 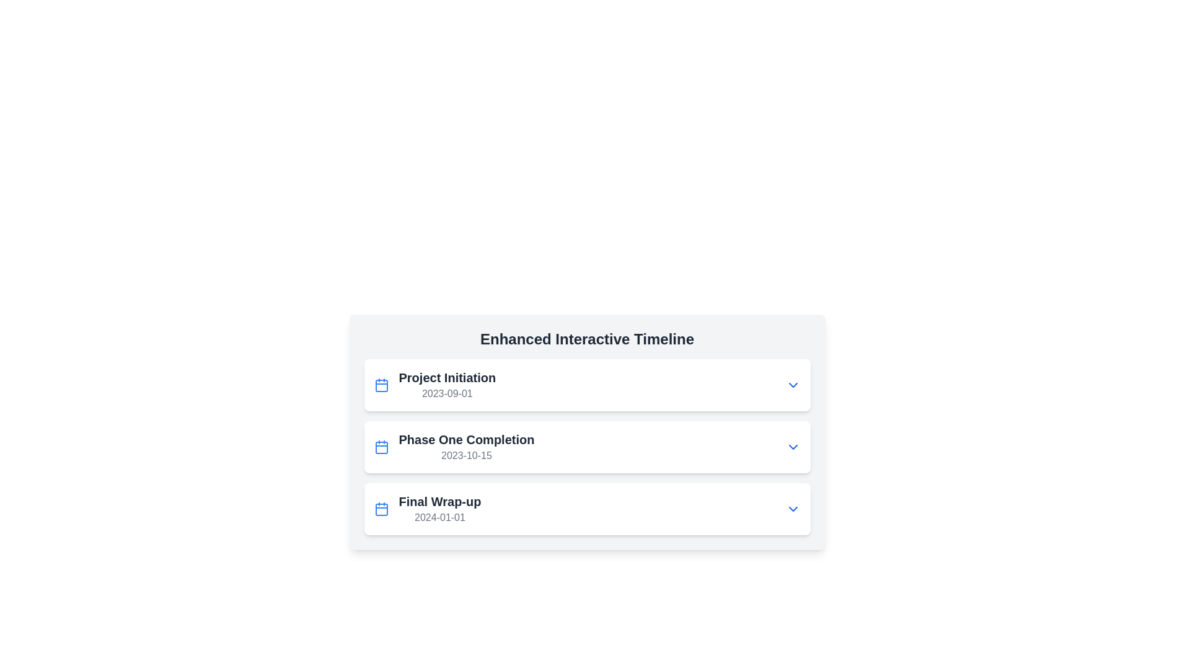 I want to click on the heading text element that labels the first milestone in the Enhanced Interactive Timeline, located above the date '2023-09-01', so click(x=446, y=377).